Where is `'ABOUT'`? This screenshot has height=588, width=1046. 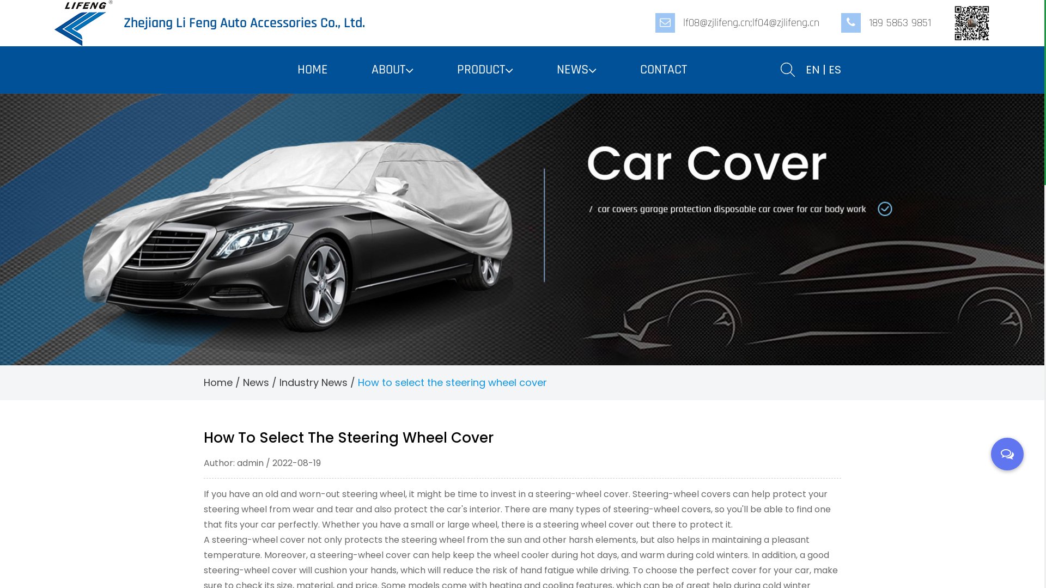 'ABOUT' is located at coordinates (371, 70).